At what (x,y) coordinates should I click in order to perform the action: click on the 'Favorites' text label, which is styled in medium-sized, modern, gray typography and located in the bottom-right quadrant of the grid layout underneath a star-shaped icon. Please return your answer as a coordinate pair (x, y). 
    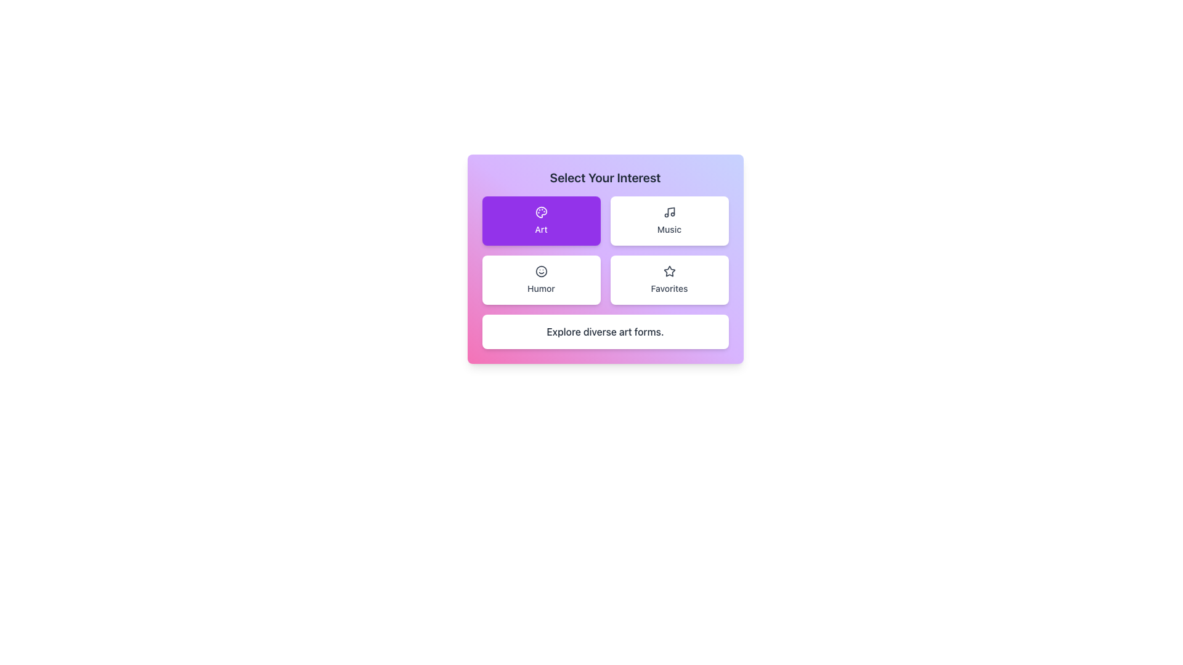
    Looking at the image, I should click on (669, 289).